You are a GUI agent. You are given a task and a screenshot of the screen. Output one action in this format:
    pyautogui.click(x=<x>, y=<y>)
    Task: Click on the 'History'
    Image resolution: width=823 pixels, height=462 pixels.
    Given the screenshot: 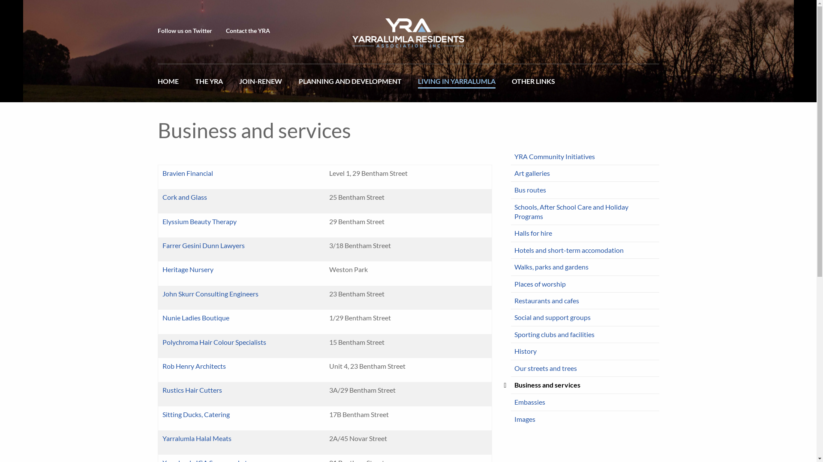 What is the action you would take?
    pyautogui.click(x=584, y=351)
    